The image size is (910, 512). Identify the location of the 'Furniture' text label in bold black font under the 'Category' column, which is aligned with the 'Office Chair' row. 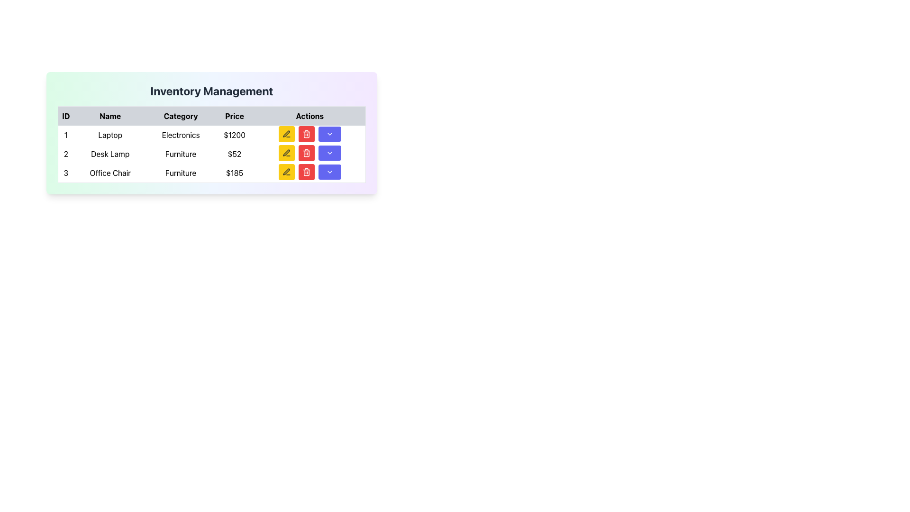
(181, 173).